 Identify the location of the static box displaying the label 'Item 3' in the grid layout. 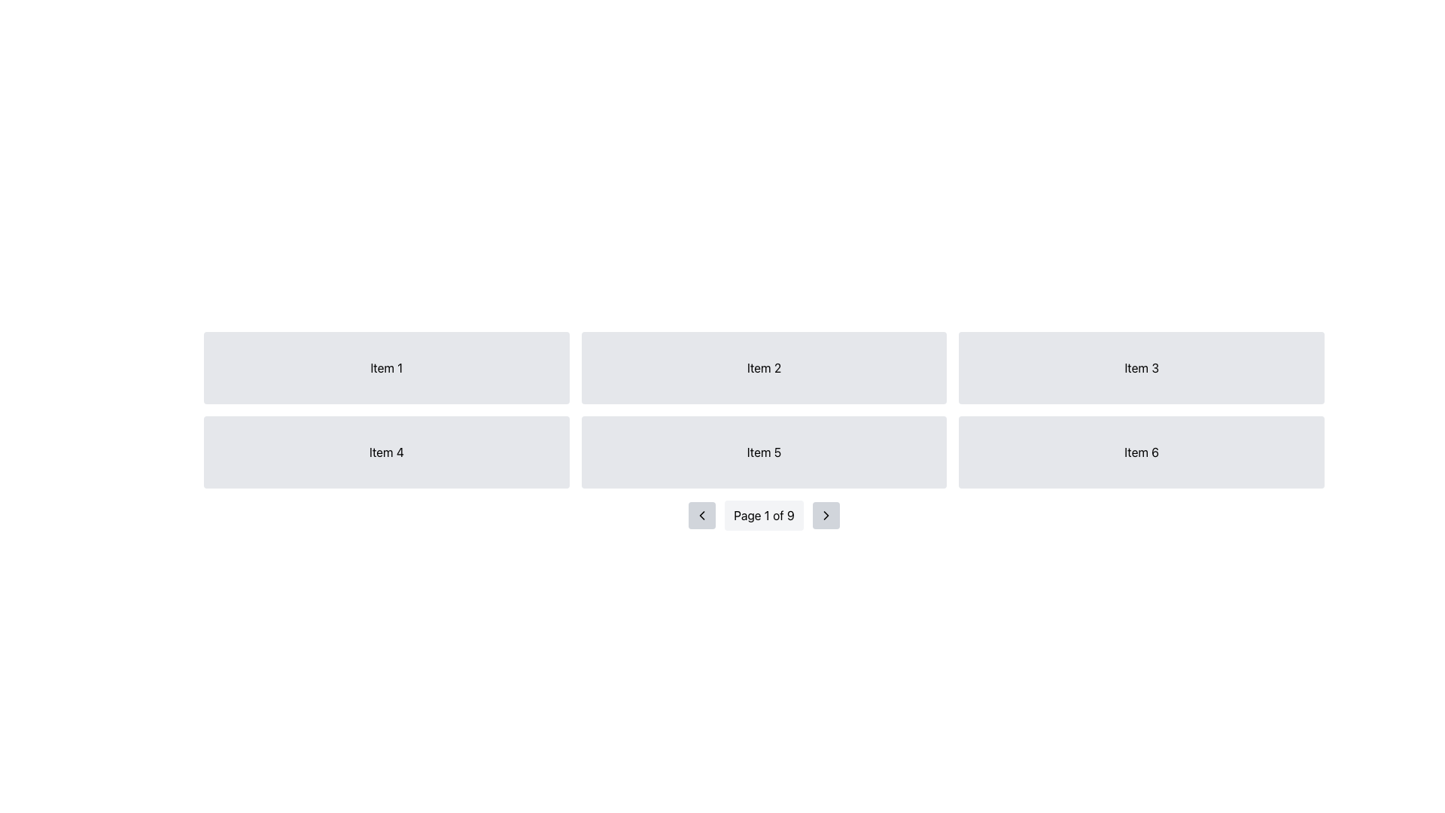
(1142, 368).